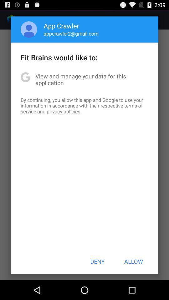 This screenshot has width=169, height=300. What do you see at coordinates (28, 29) in the screenshot?
I see `icon to the left of app crawler item` at bounding box center [28, 29].